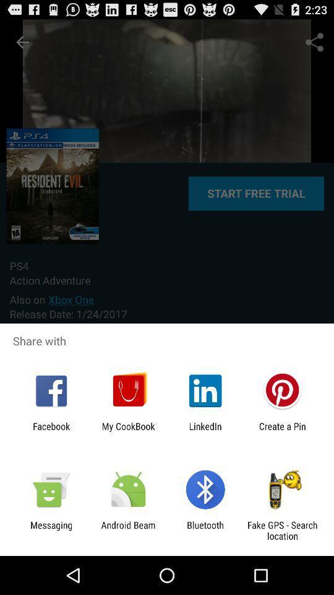  What do you see at coordinates (127, 530) in the screenshot?
I see `android beam app` at bounding box center [127, 530].